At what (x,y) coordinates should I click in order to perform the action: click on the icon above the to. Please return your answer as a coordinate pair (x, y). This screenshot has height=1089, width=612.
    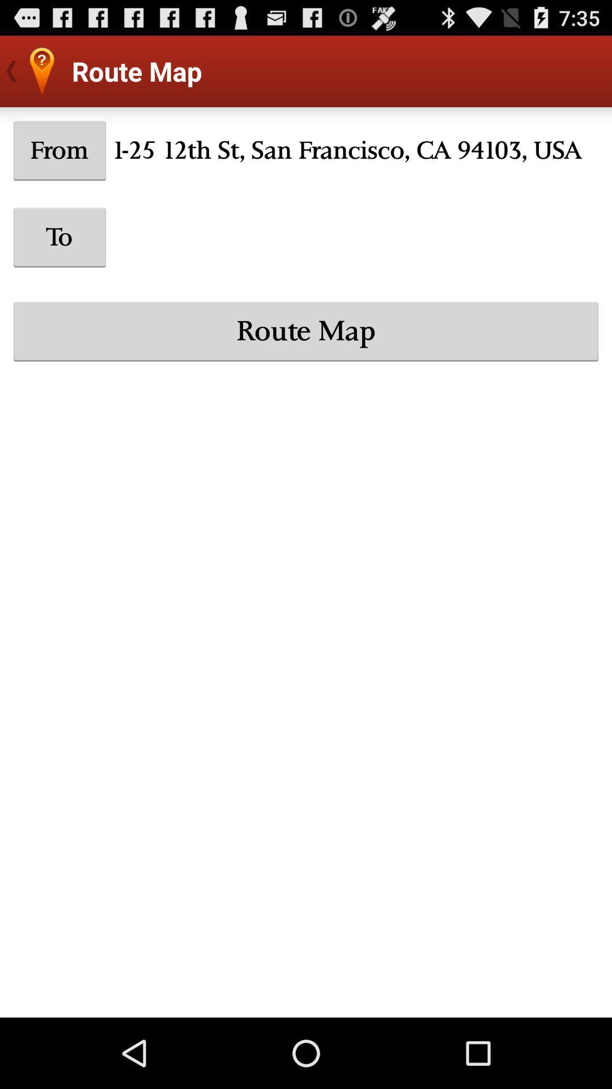
    Looking at the image, I should click on (59, 150).